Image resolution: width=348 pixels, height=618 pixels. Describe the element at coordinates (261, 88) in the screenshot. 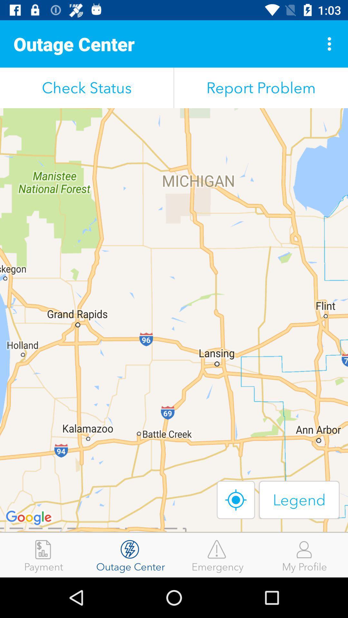

I see `the item next to check status icon` at that location.